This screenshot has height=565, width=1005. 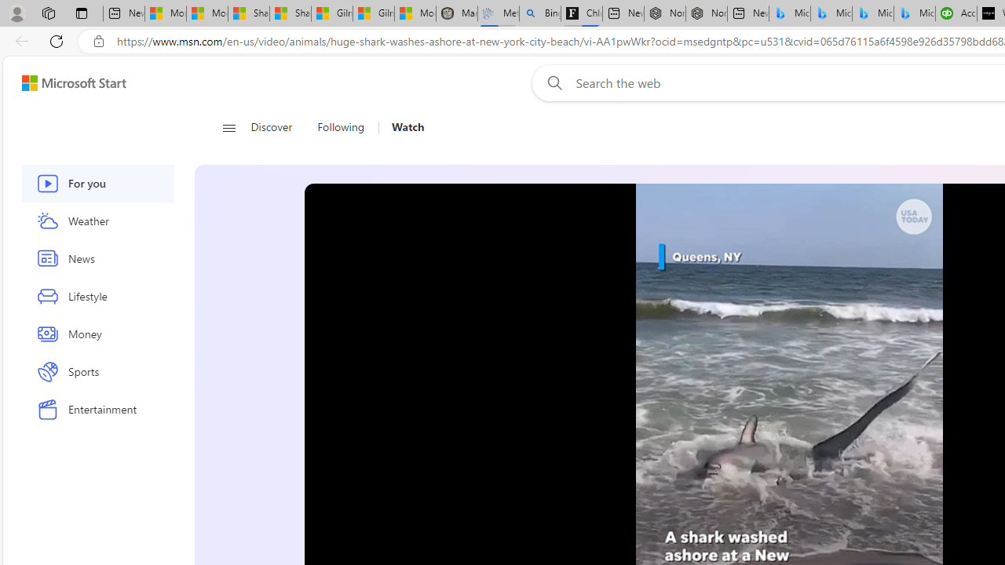 What do you see at coordinates (373, 13) in the screenshot?
I see `'Gilma and Hector both pose tropical trouble for Hawaii'` at bounding box center [373, 13].